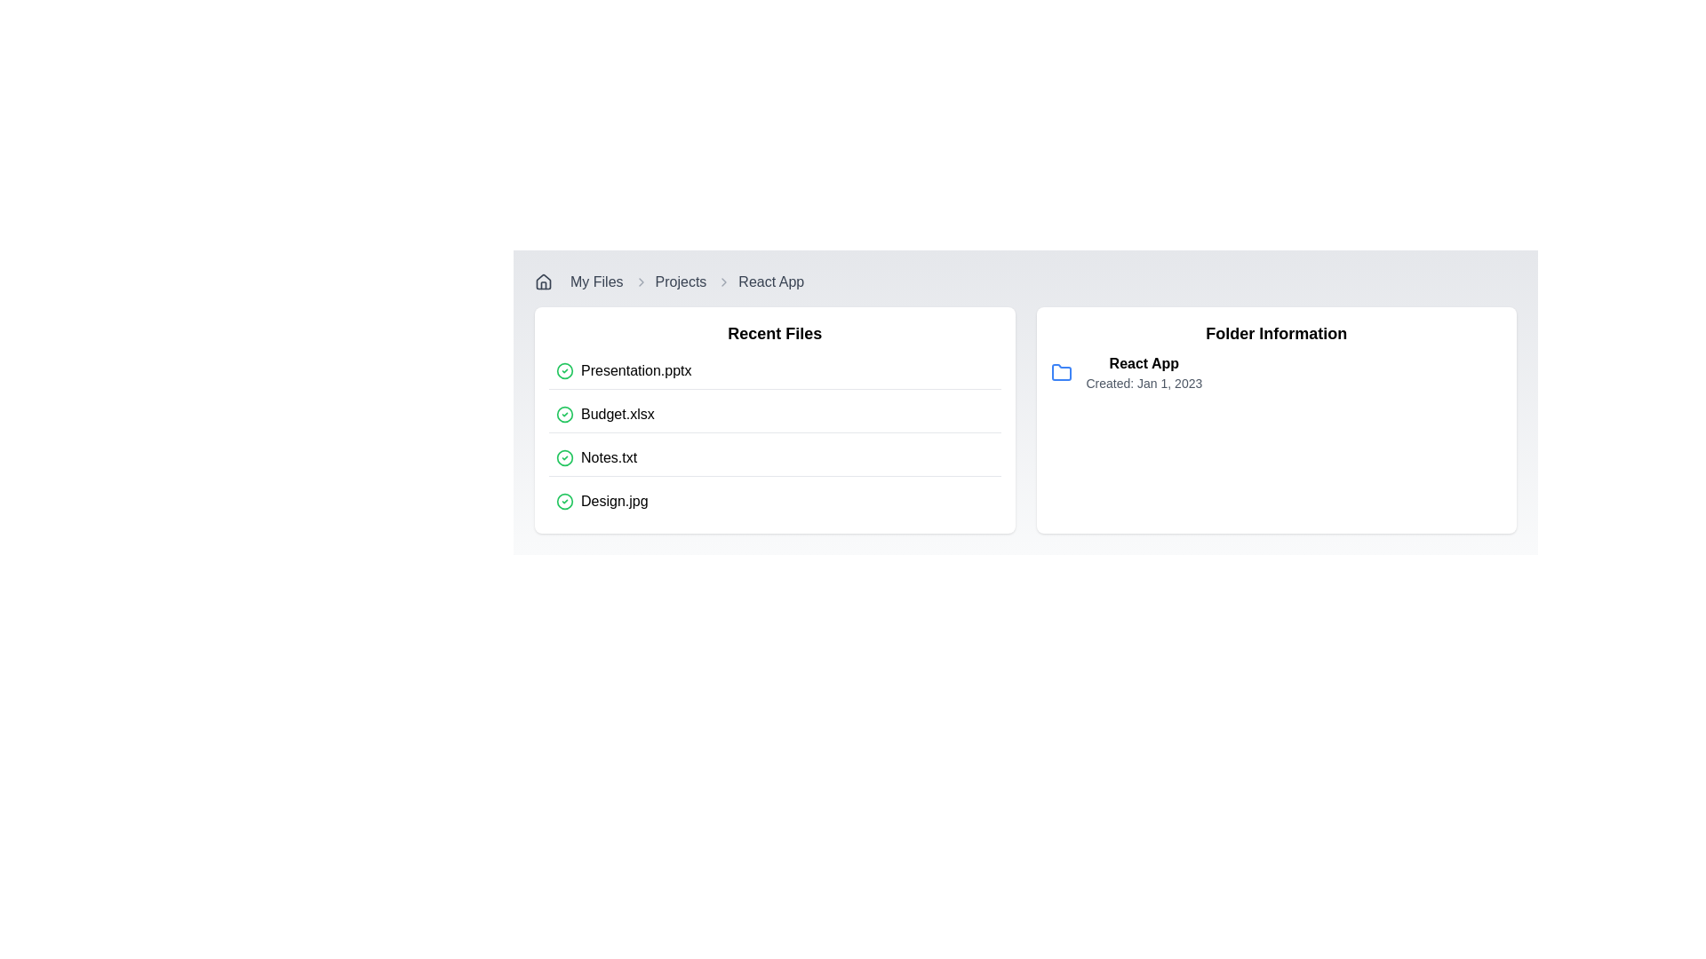  I want to click on the house icon in the navigation trail labeled 'My Files > Projects > React App', so click(542, 280).